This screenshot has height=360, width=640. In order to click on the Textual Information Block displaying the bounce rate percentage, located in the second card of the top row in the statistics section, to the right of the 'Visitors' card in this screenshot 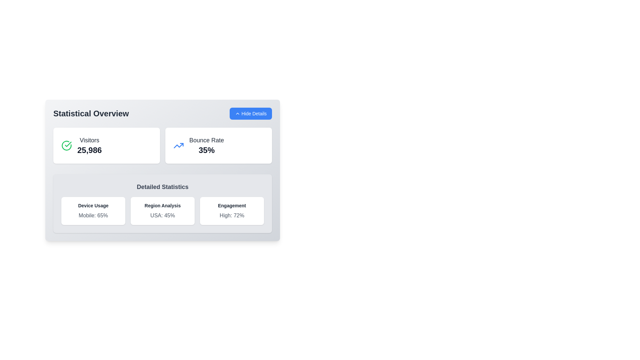, I will do `click(206, 145)`.